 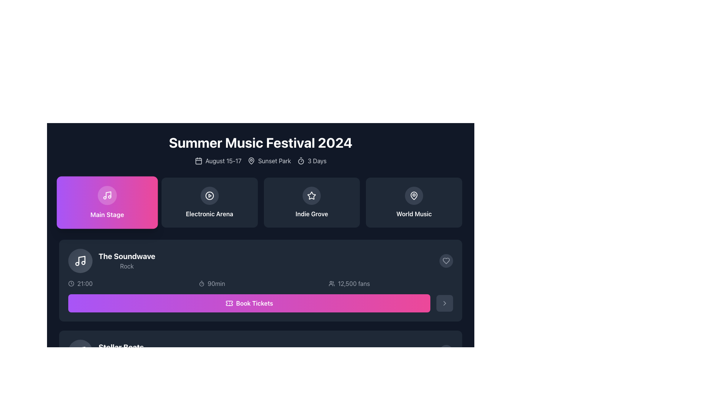 I want to click on the Informational banner displaying event details such as '21:00', '90min', and '12,500 fans', so click(x=260, y=283).